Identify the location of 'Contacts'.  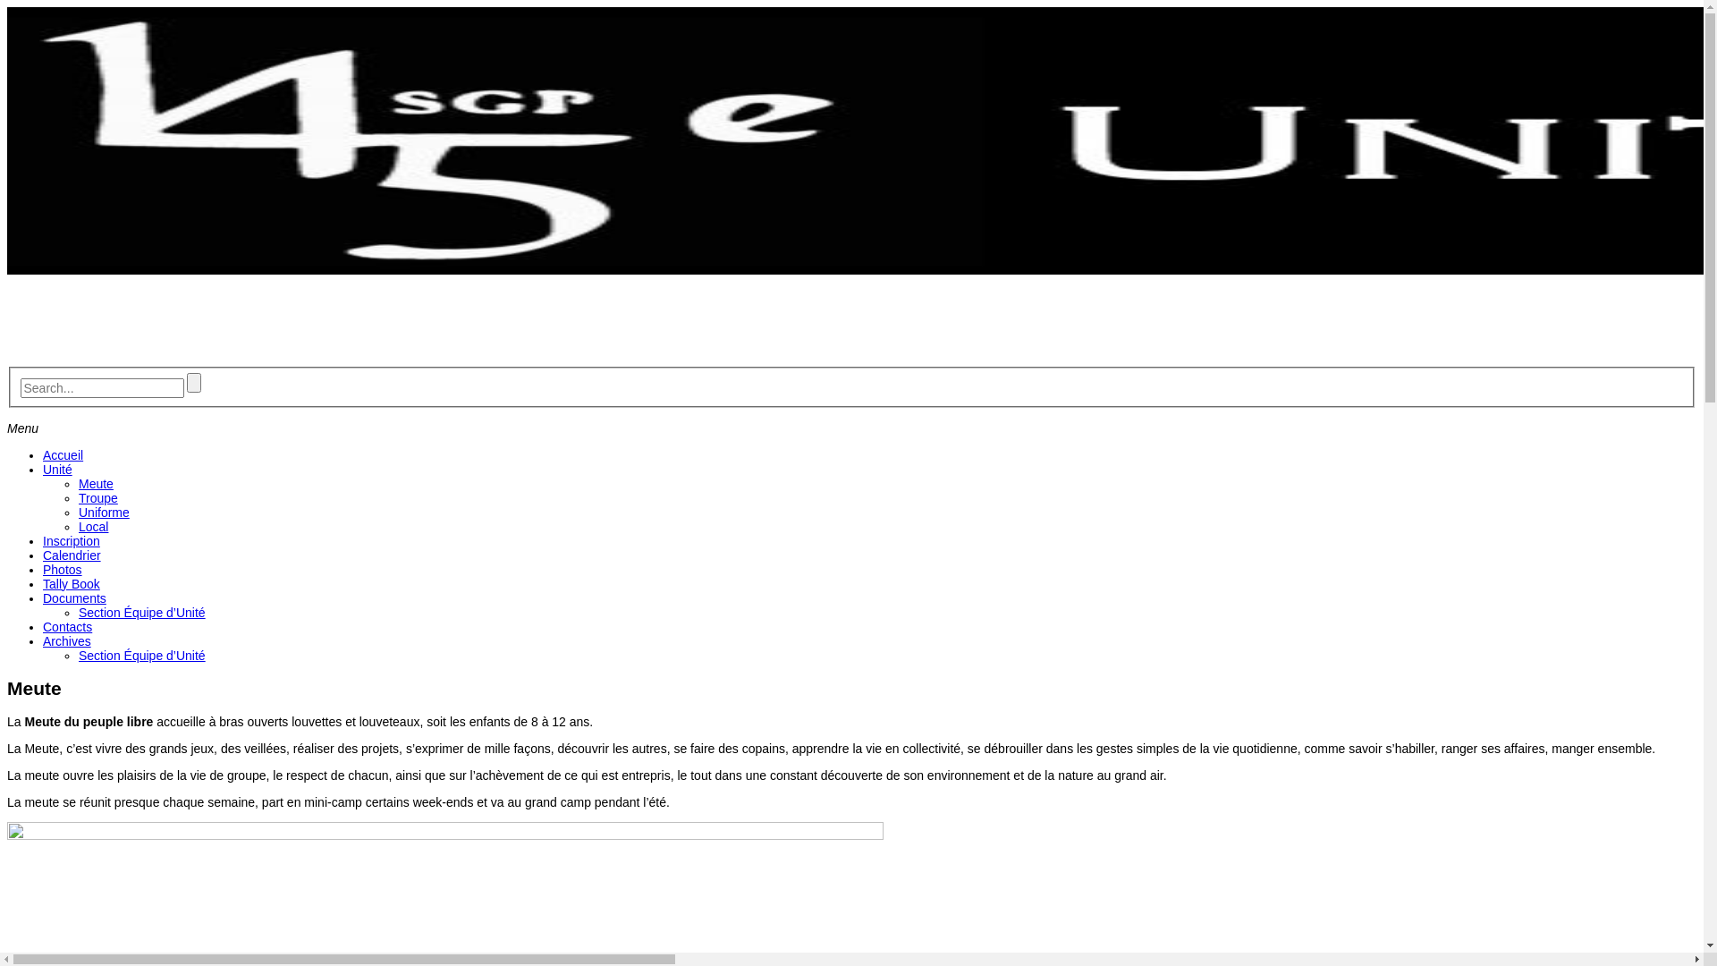
(67, 626).